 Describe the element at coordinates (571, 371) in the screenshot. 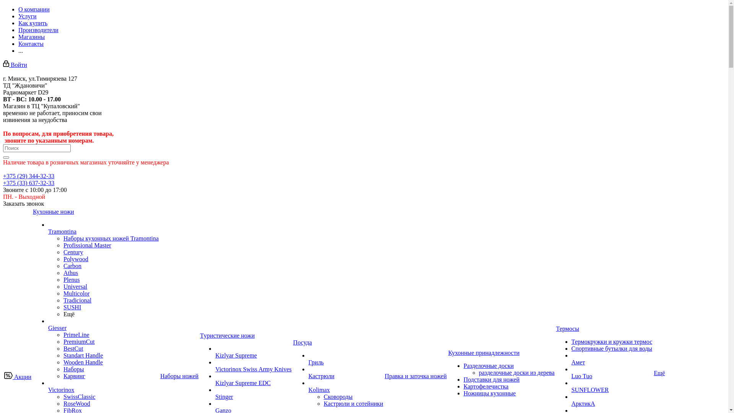

I see `'Luo Tuo'` at that location.